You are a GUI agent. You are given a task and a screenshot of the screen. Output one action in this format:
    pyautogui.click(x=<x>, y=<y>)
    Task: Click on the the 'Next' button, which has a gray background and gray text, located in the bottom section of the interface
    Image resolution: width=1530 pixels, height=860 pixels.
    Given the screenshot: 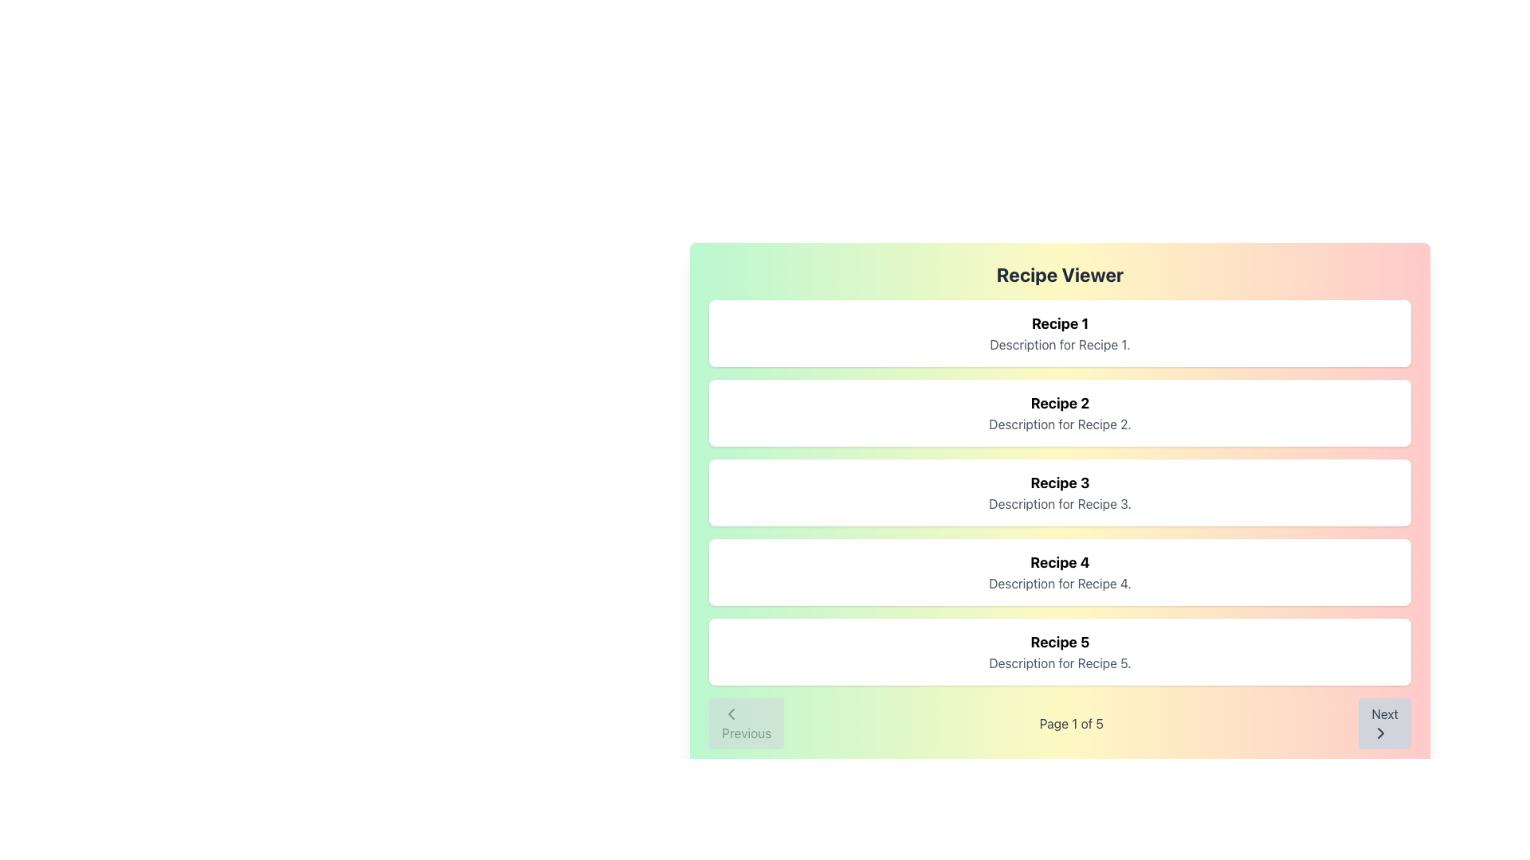 What is the action you would take?
    pyautogui.click(x=1383, y=724)
    